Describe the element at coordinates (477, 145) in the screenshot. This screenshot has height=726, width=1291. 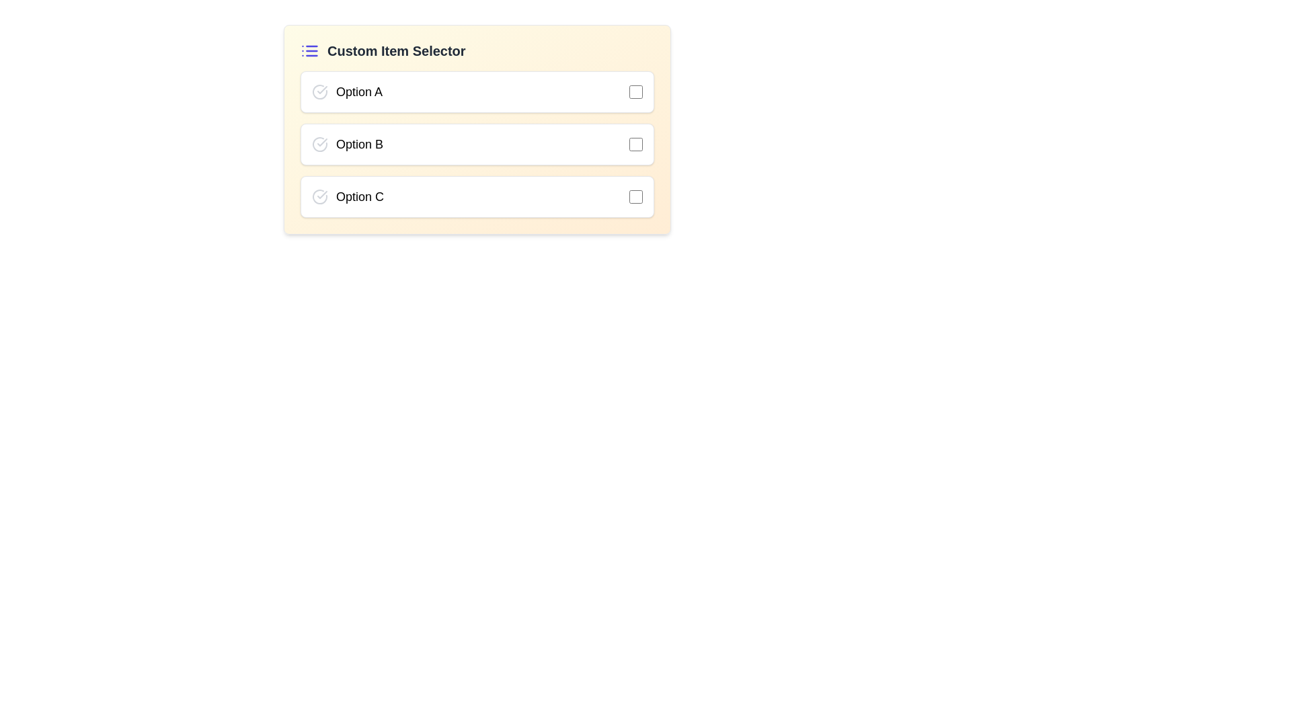
I see `the second selectable item in the 'Custom Item Selector' list to trigger hover effects` at that location.